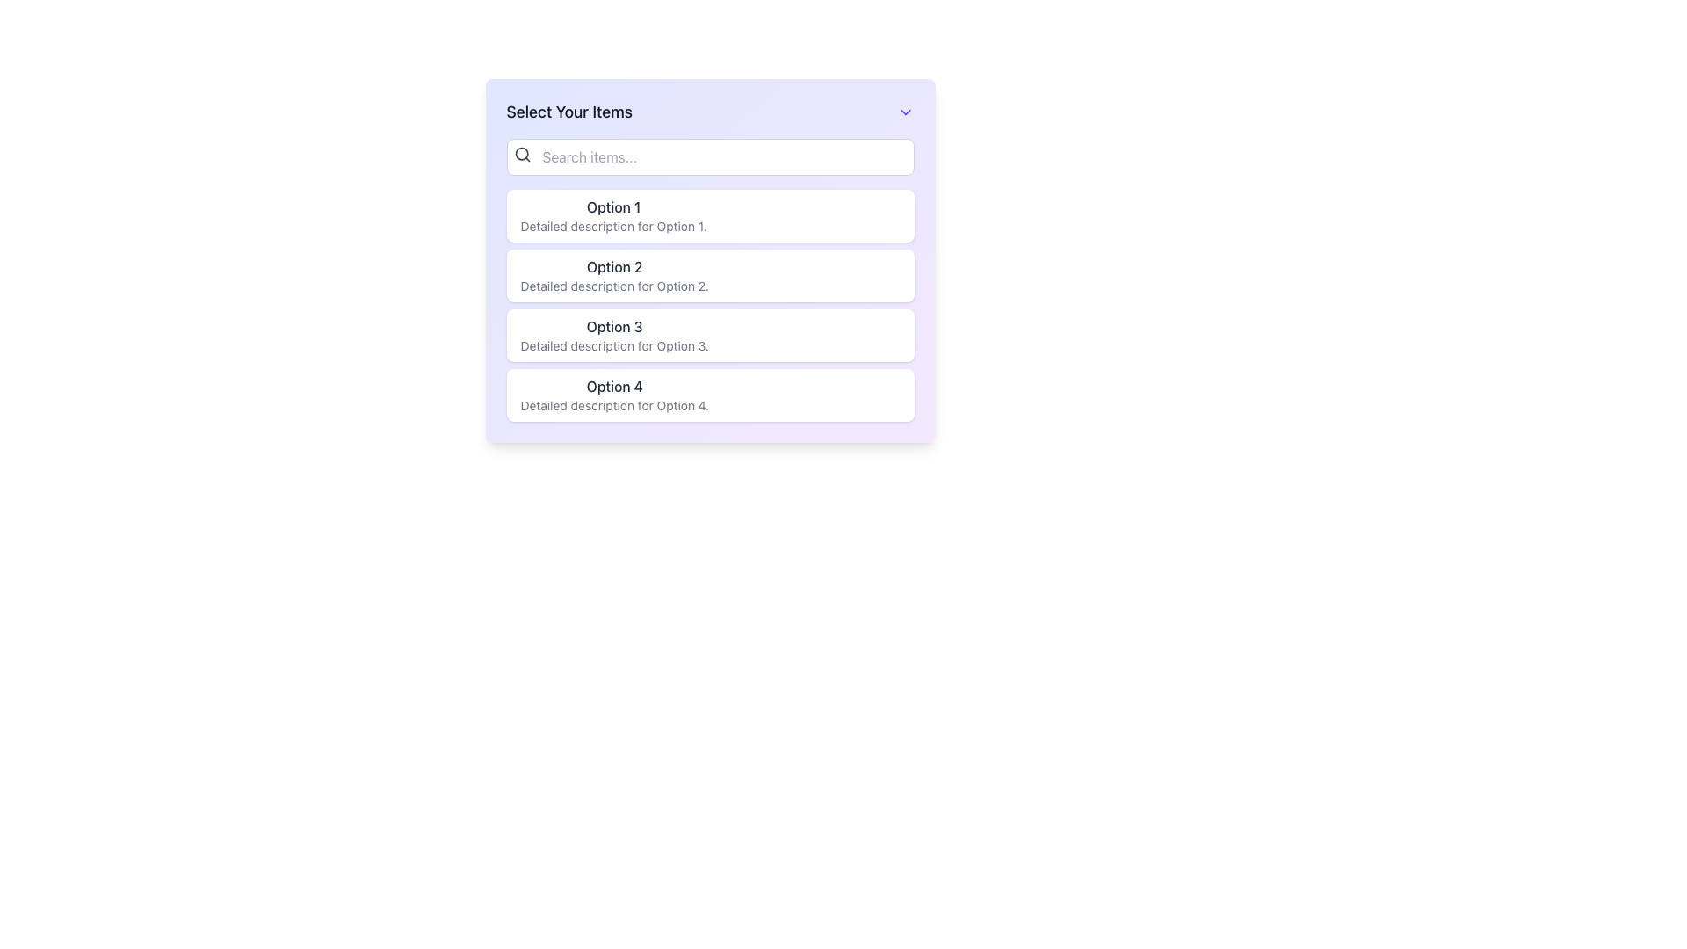  I want to click on the first selectable option in the list below the 'Select Your Items' search bar, so click(710, 215).